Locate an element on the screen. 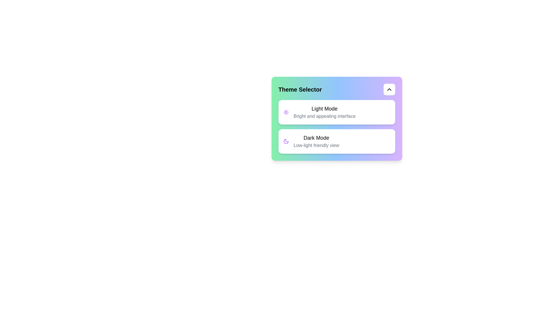 This screenshot has height=315, width=560. toggle button to close the theme menu is located at coordinates (389, 90).